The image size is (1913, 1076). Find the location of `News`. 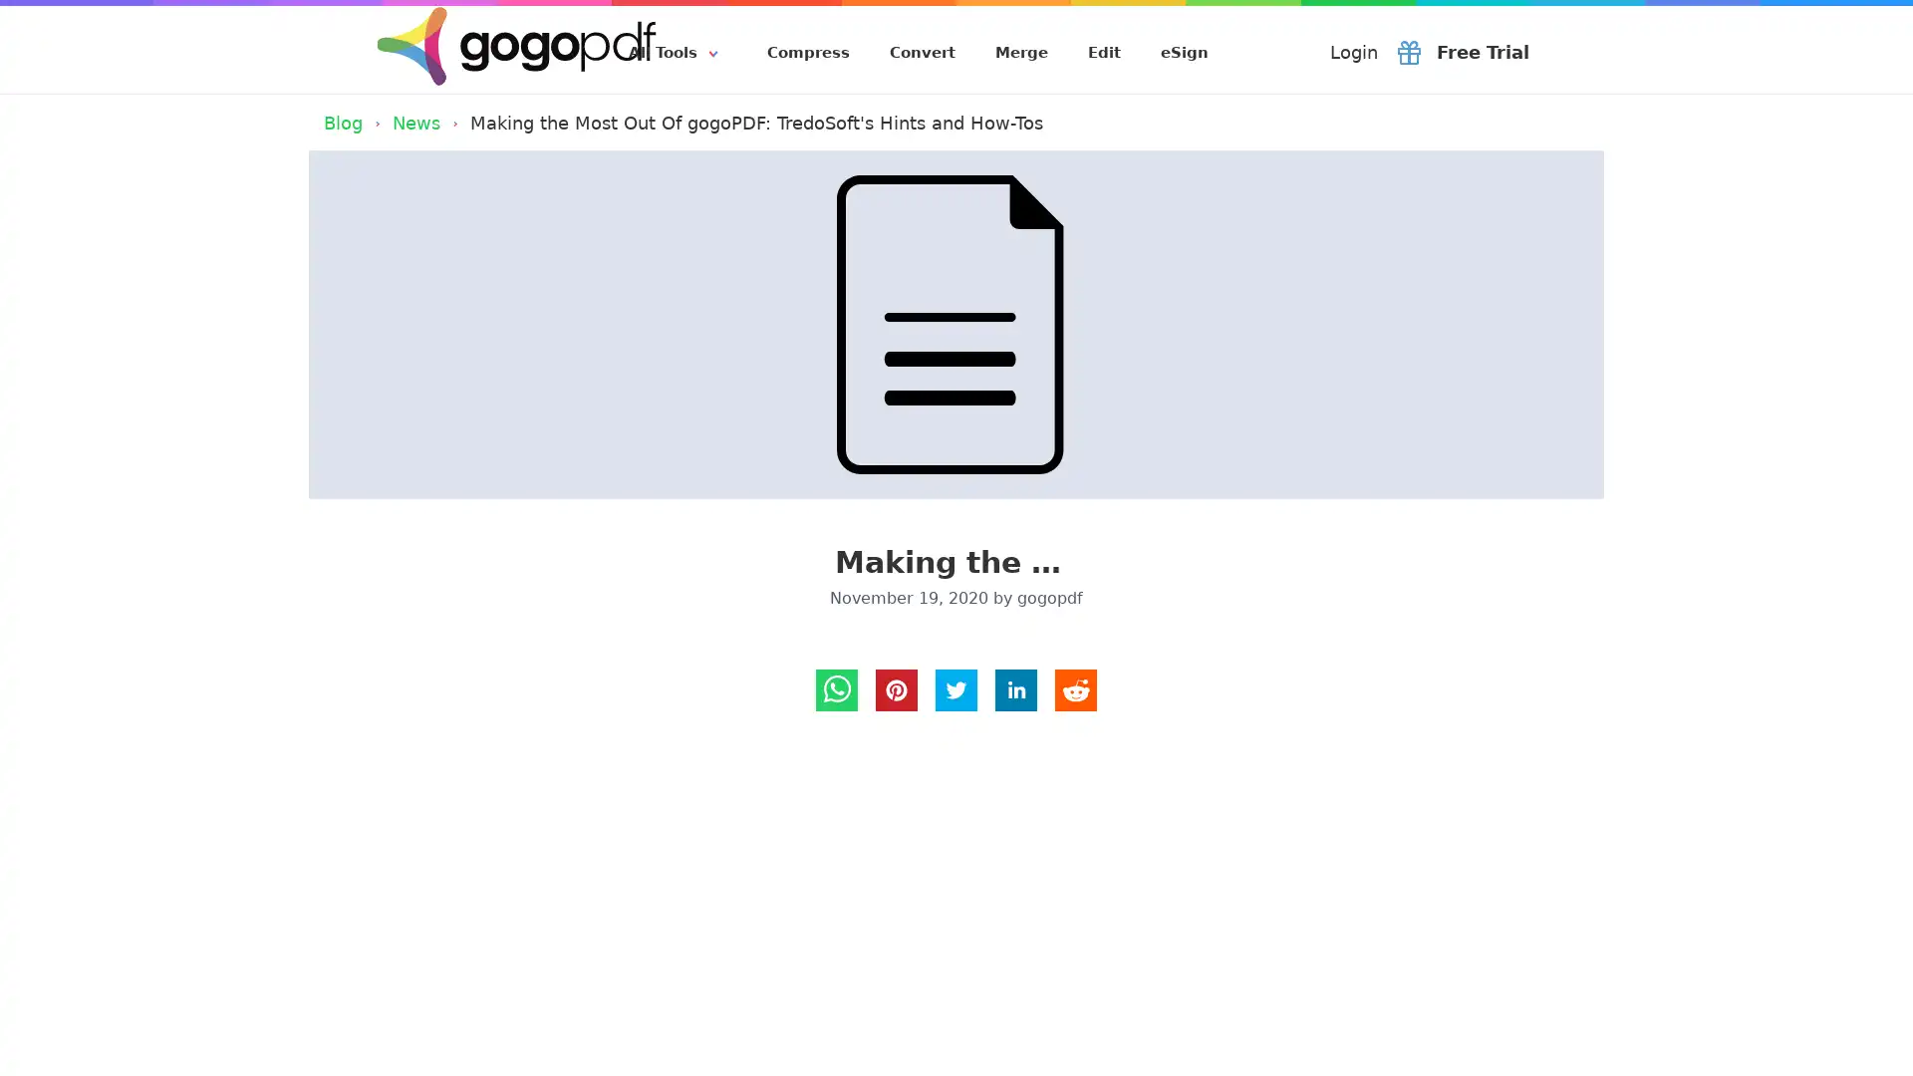

News is located at coordinates (414, 123).